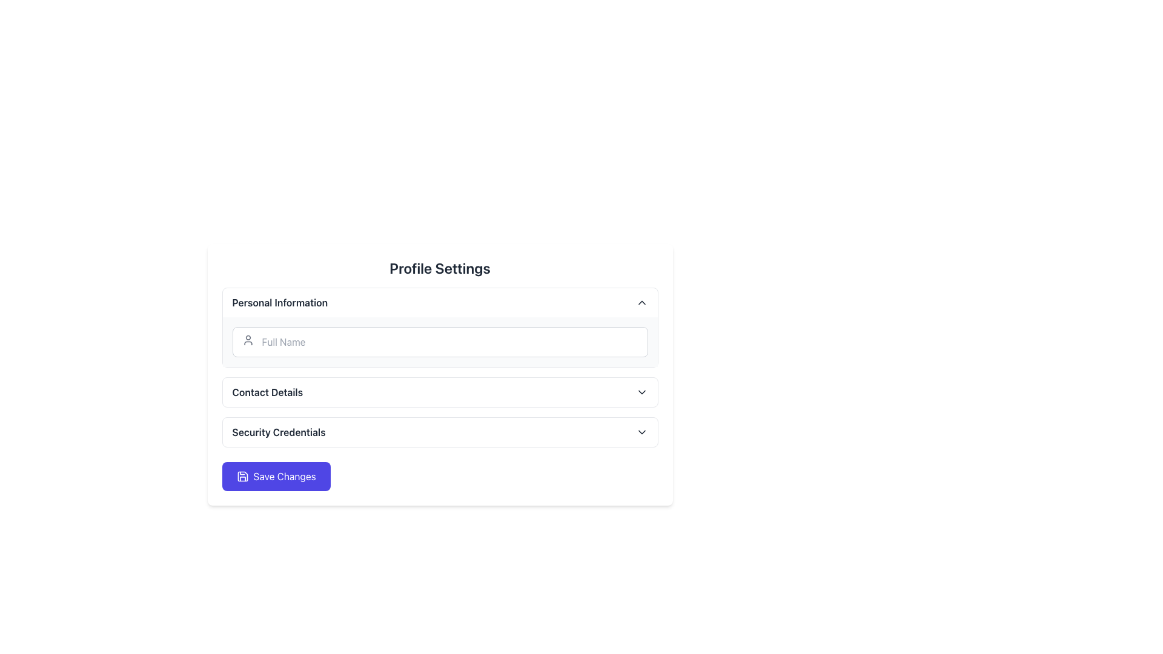 The height and width of the screenshot is (654, 1163). I want to click on the chevron icon located at the far right of the 'Contact Details' section header, so click(641, 392).